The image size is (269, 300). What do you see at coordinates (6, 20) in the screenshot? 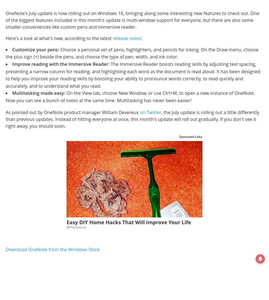
I see `'OneNote's July update is now rolling out on Windows 10, bringing along some interesting new features to check out. One of the biggest features included in this month's update is multi-window support for everyone, but there are also some smaller conveniences like custom pens and immersive reader.'` at bounding box center [6, 20].